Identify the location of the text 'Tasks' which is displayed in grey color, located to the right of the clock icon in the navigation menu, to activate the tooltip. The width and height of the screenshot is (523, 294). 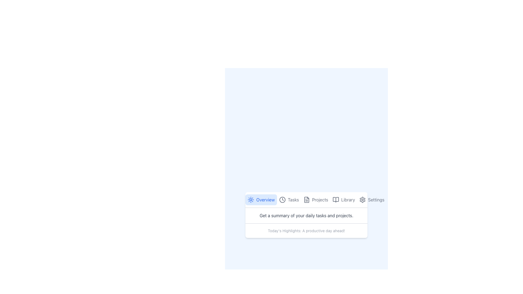
(293, 200).